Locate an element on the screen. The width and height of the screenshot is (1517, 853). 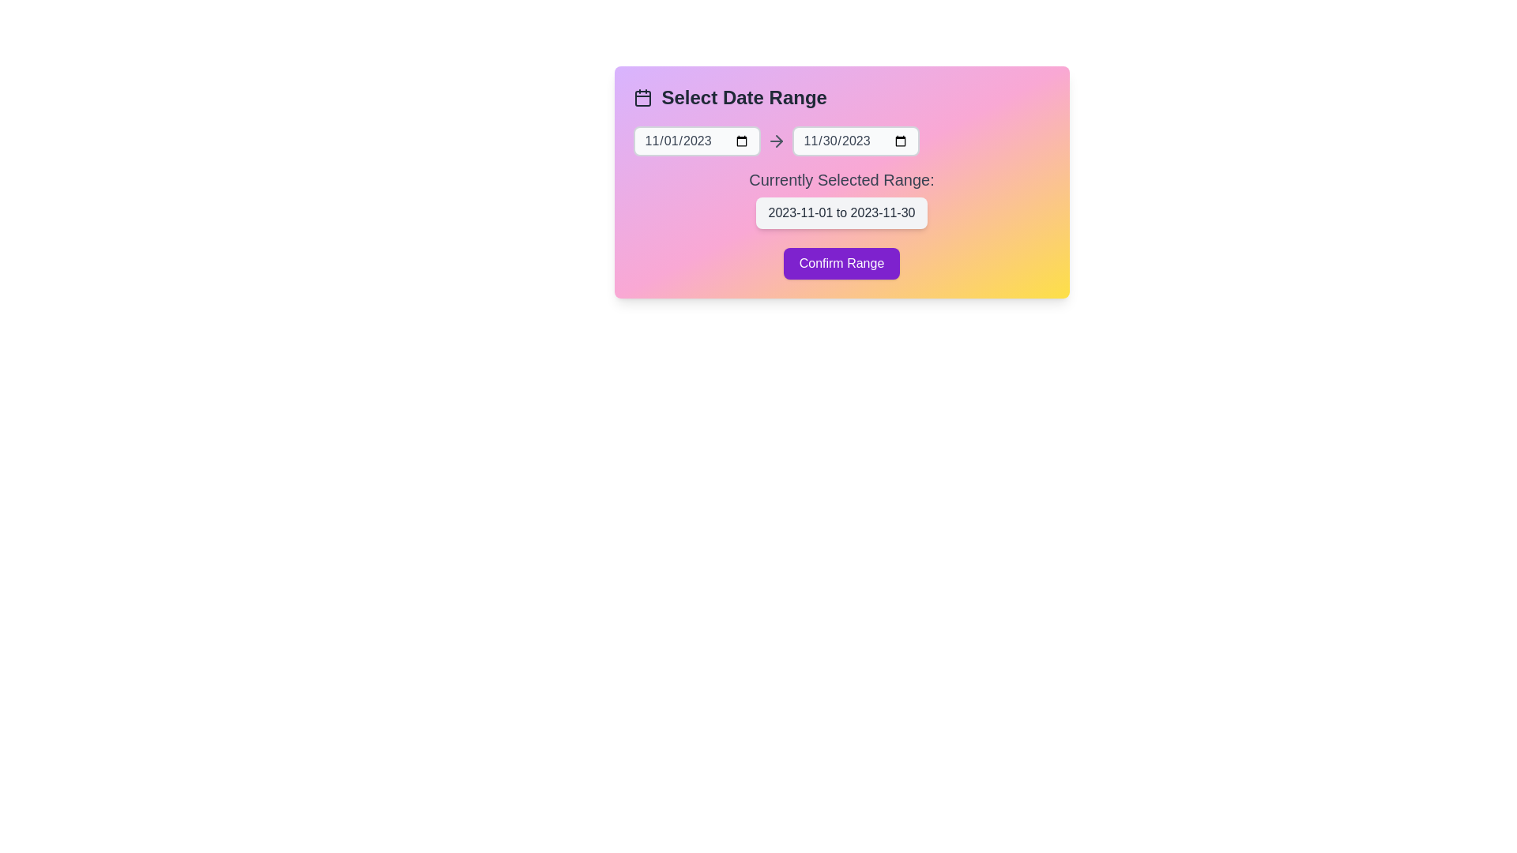
the text displaying the currently selected date range is located at coordinates (841, 213).